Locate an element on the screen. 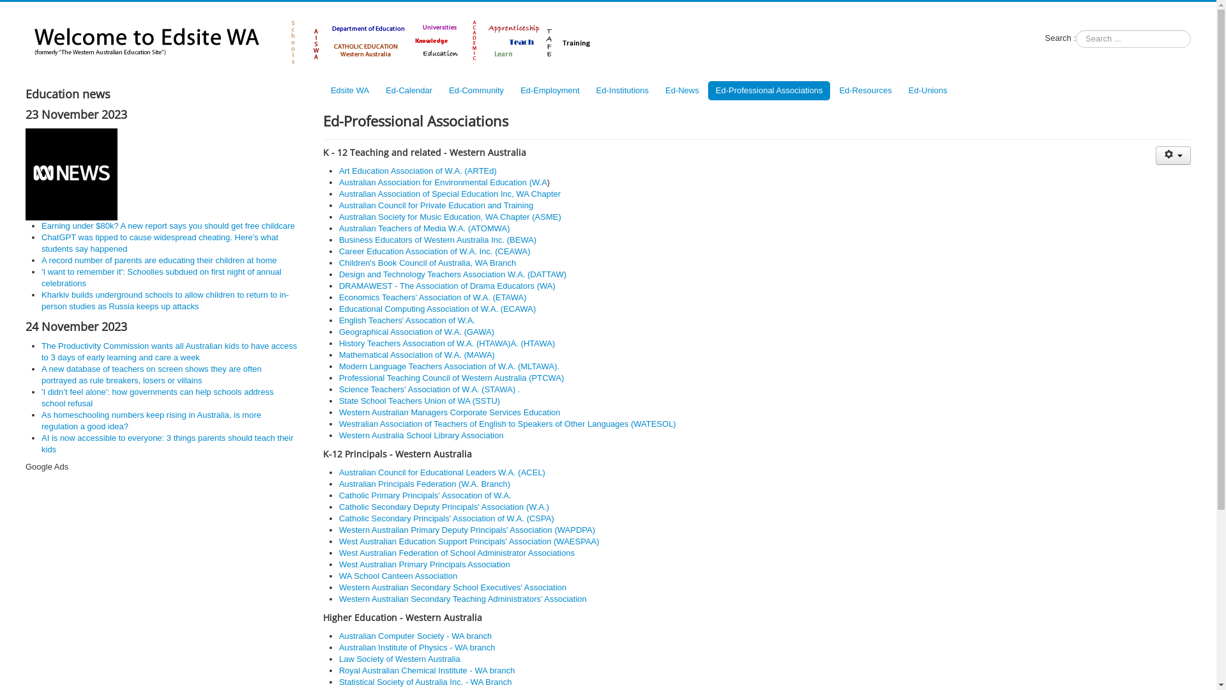 This screenshot has width=1226, height=690. 'Art Education Association of W.A. (ARTEd) ' is located at coordinates (419, 170).